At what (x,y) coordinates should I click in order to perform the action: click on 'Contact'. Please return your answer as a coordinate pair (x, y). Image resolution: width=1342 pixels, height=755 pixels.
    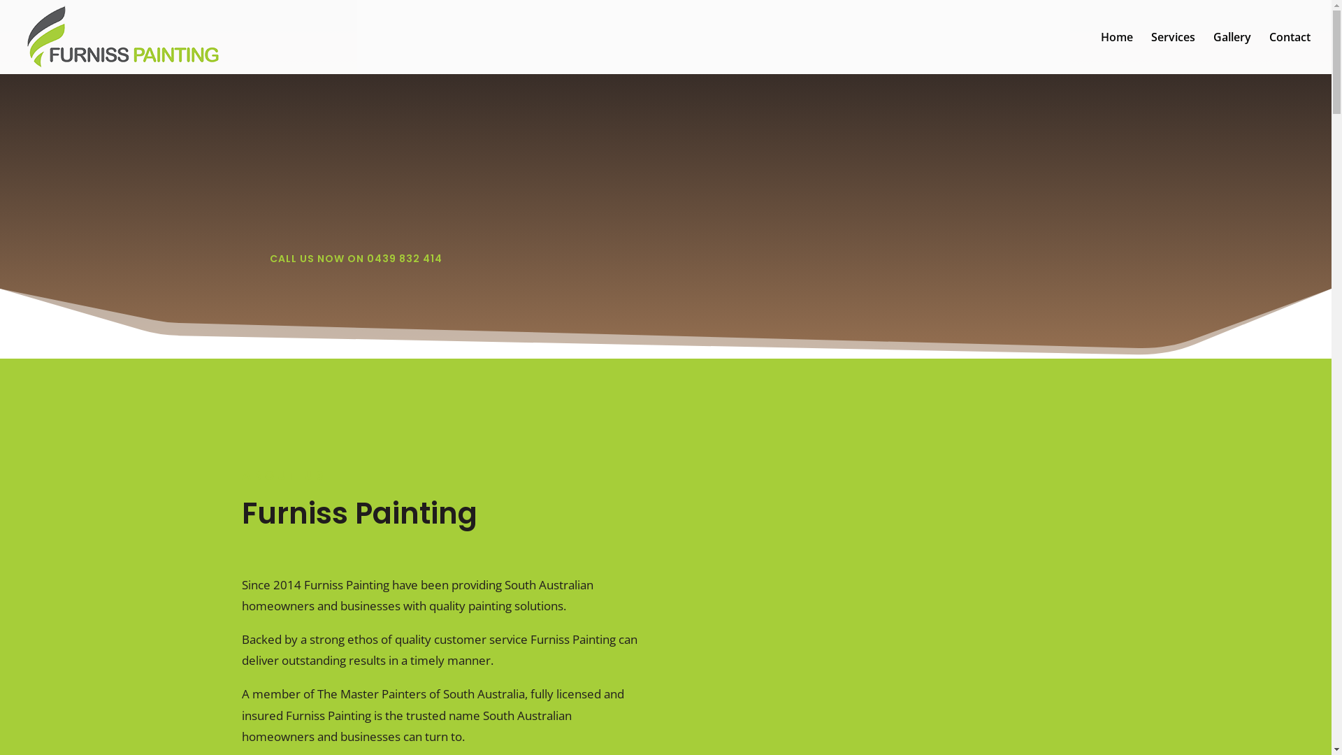
    Looking at the image, I should click on (1289, 52).